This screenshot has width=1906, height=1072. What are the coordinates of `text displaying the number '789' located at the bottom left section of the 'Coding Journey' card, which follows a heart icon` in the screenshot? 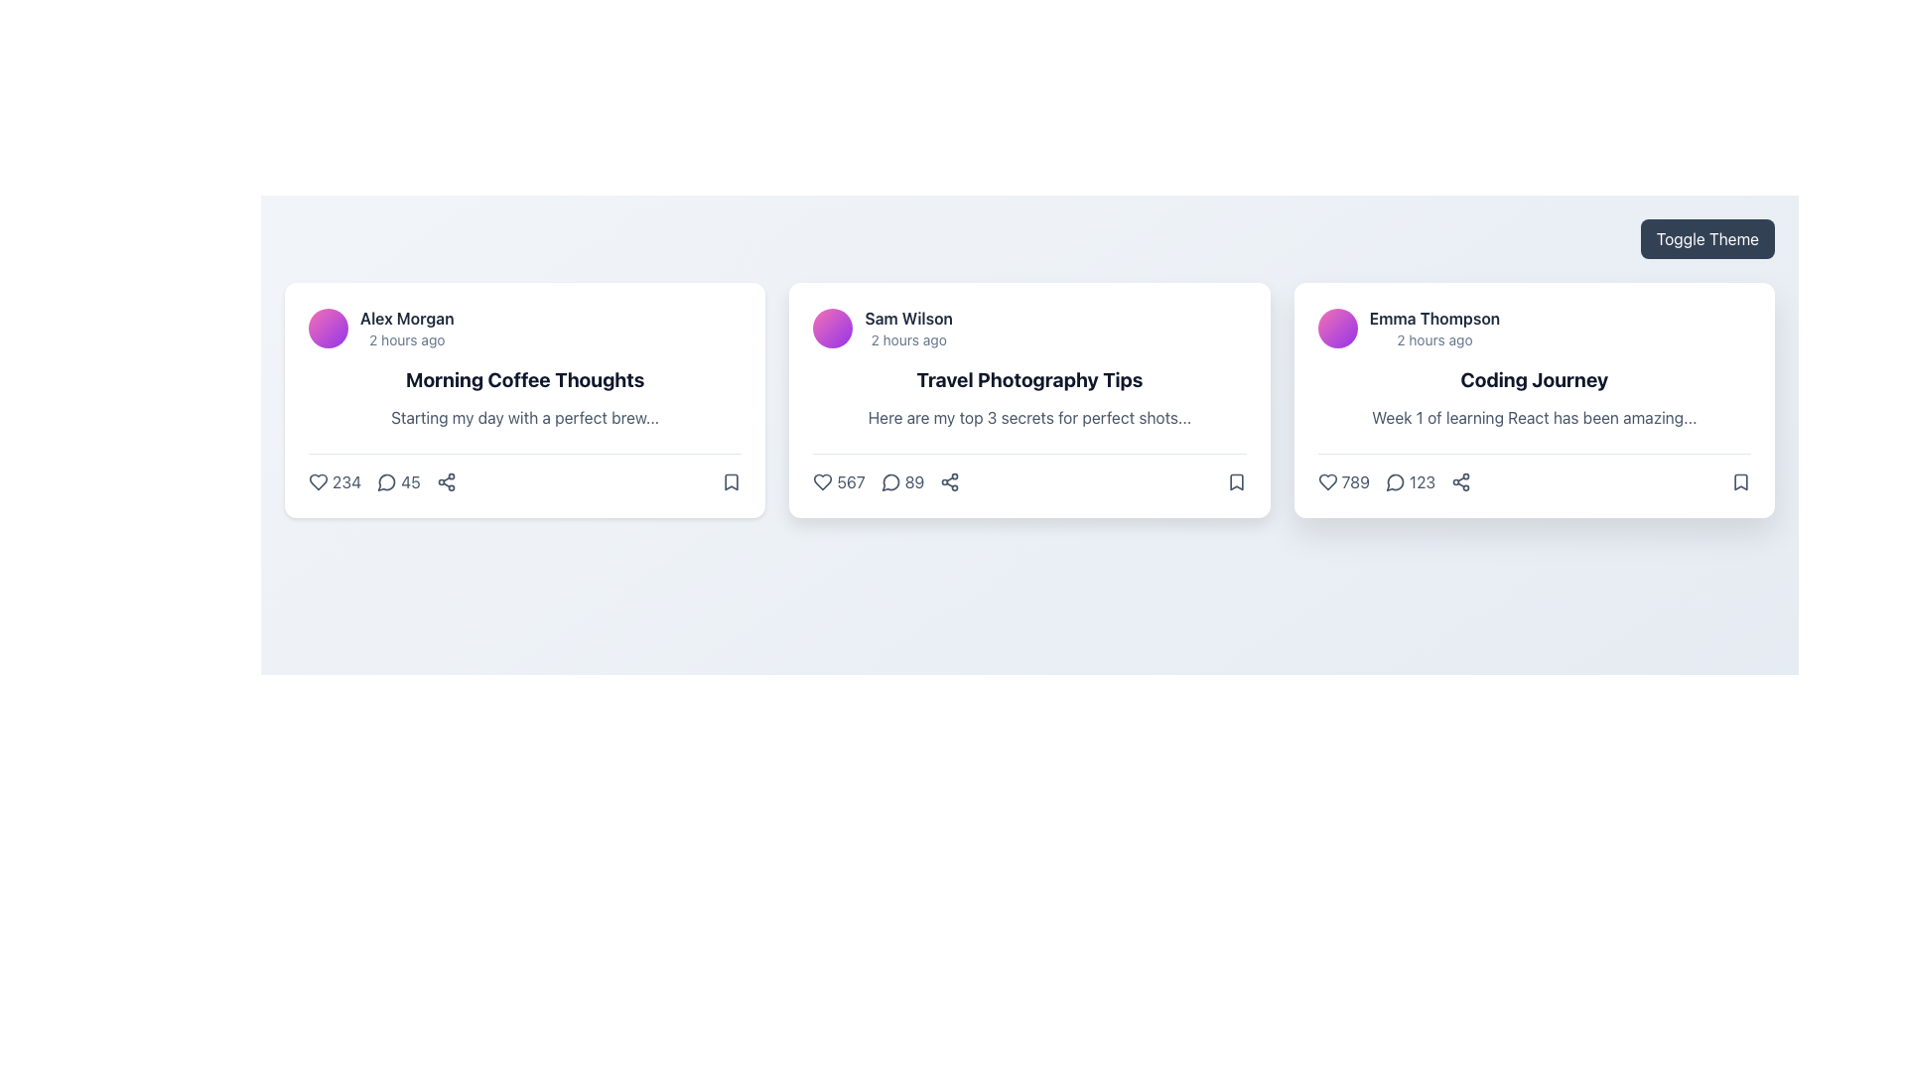 It's located at (1354, 482).